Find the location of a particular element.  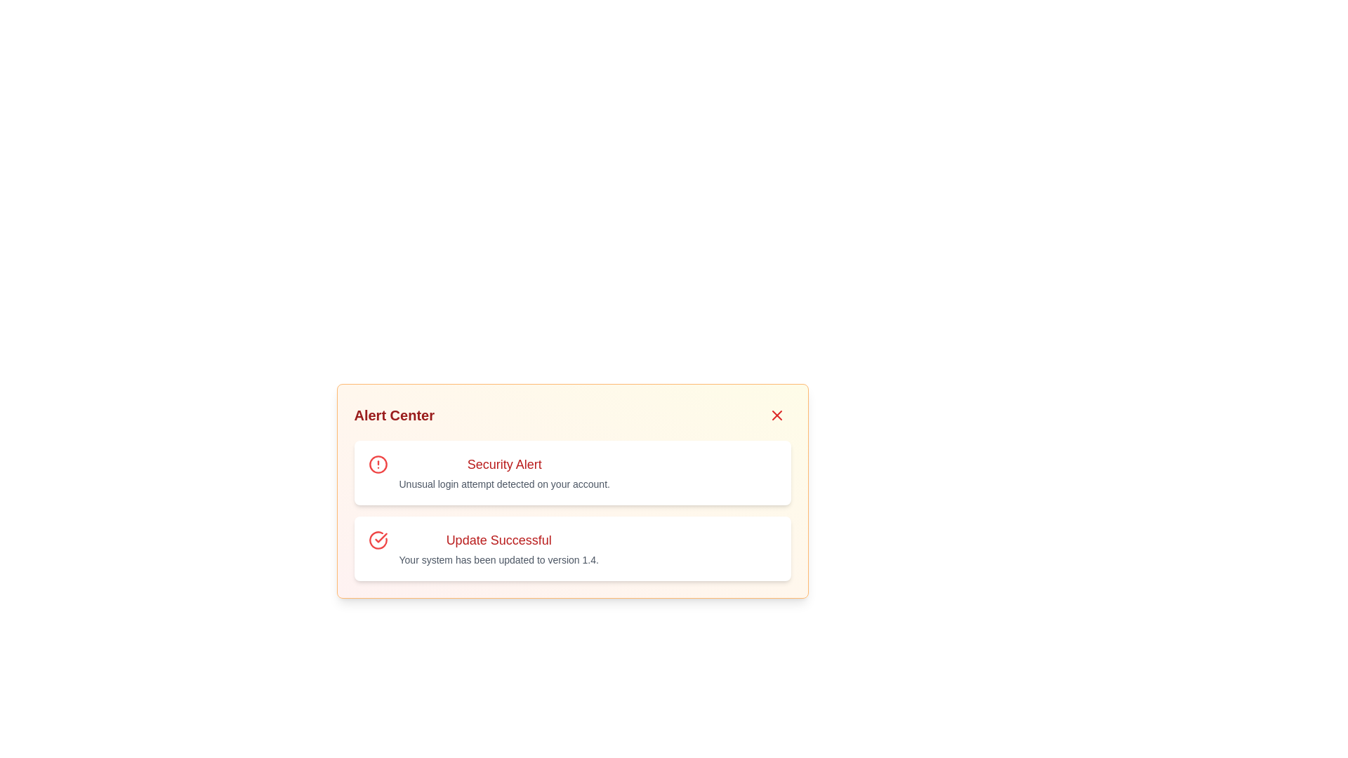

the close icon button located in the top-right corner of the 'Alert Center' dialog is located at coordinates (776, 414).